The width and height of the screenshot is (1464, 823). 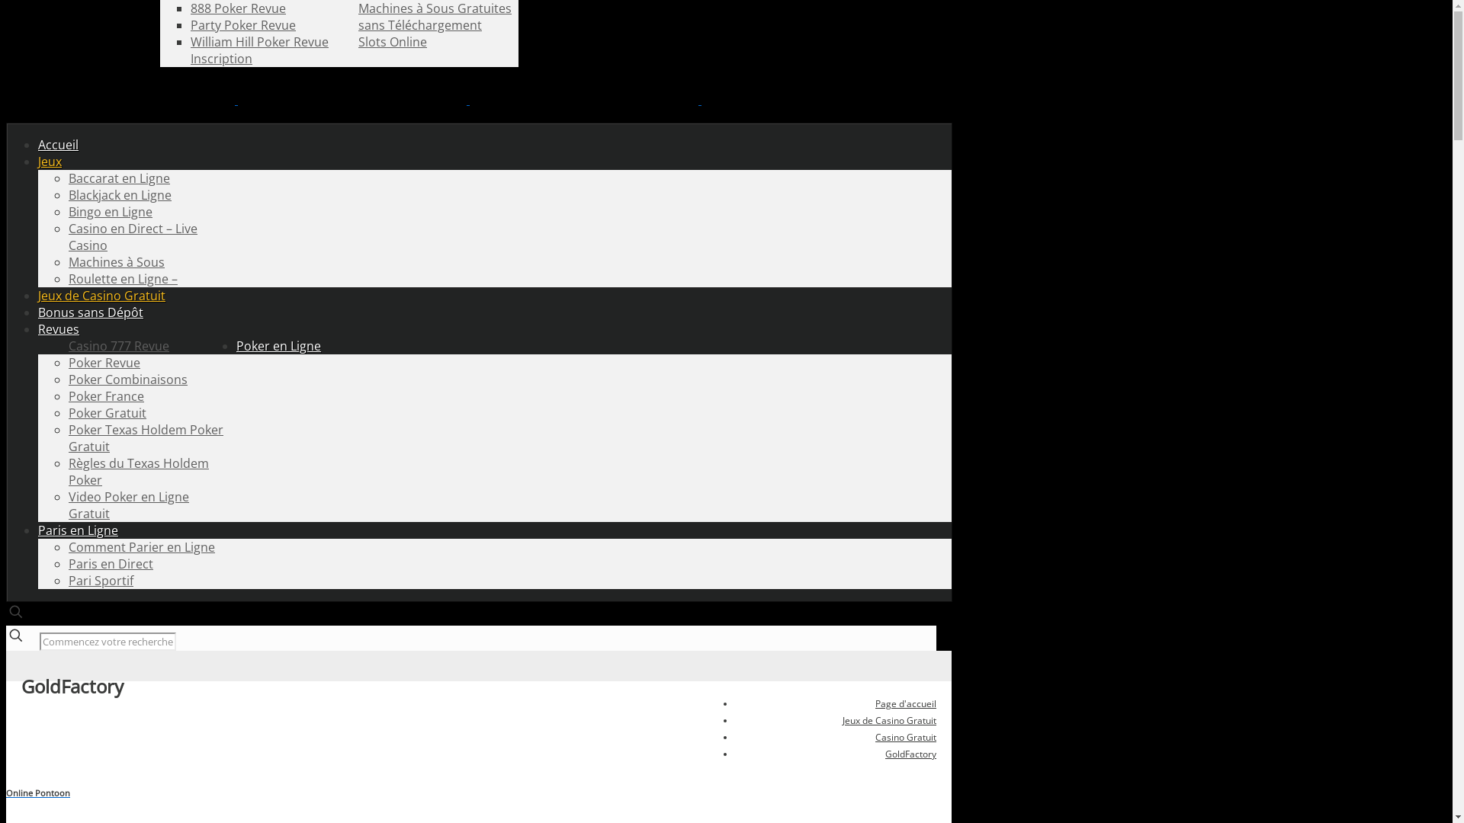 What do you see at coordinates (259, 40) in the screenshot?
I see `'William Hill Poker Revue'` at bounding box center [259, 40].